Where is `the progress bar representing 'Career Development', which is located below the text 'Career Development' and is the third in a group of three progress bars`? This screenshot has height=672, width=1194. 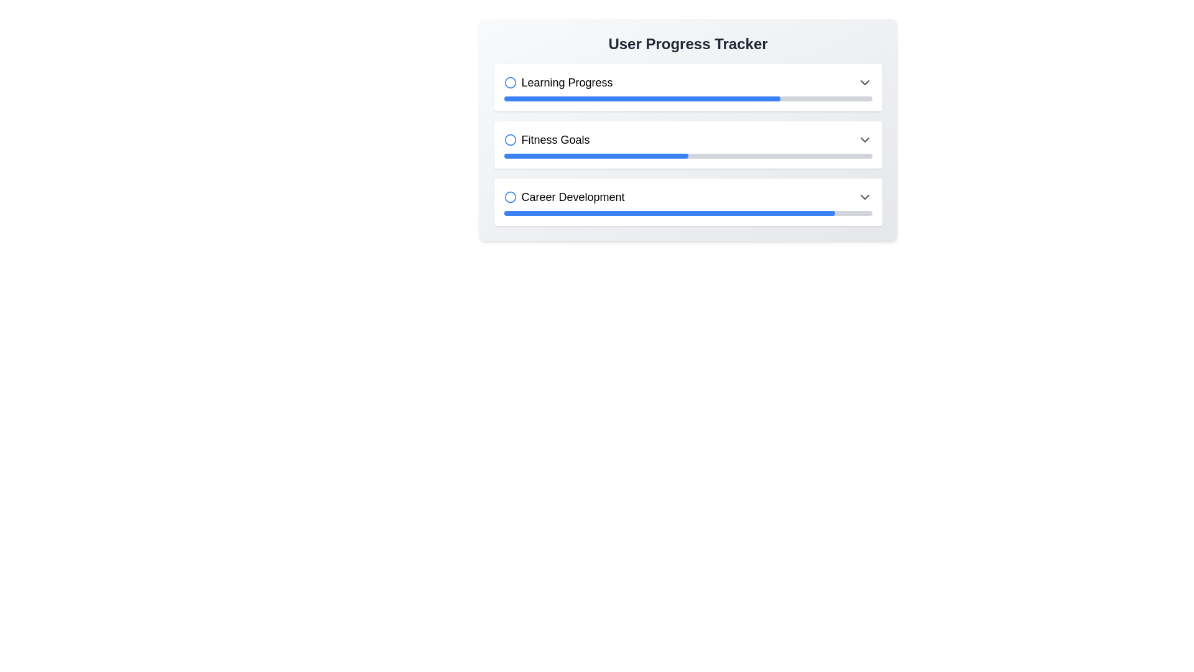 the progress bar representing 'Career Development', which is located below the text 'Career Development' and is the third in a group of three progress bars is located at coordinates (687, 213).